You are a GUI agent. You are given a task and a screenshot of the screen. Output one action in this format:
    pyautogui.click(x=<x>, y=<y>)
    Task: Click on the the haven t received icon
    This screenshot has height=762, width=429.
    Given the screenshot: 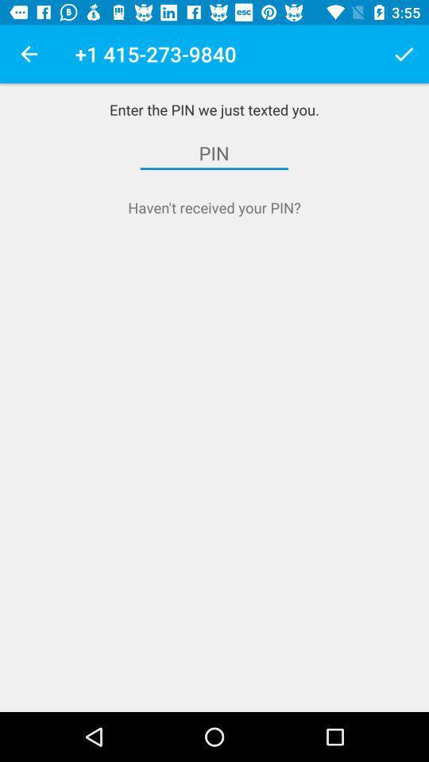 What is the action you would take?
    pyautogui.click(x=214, y=206)
    